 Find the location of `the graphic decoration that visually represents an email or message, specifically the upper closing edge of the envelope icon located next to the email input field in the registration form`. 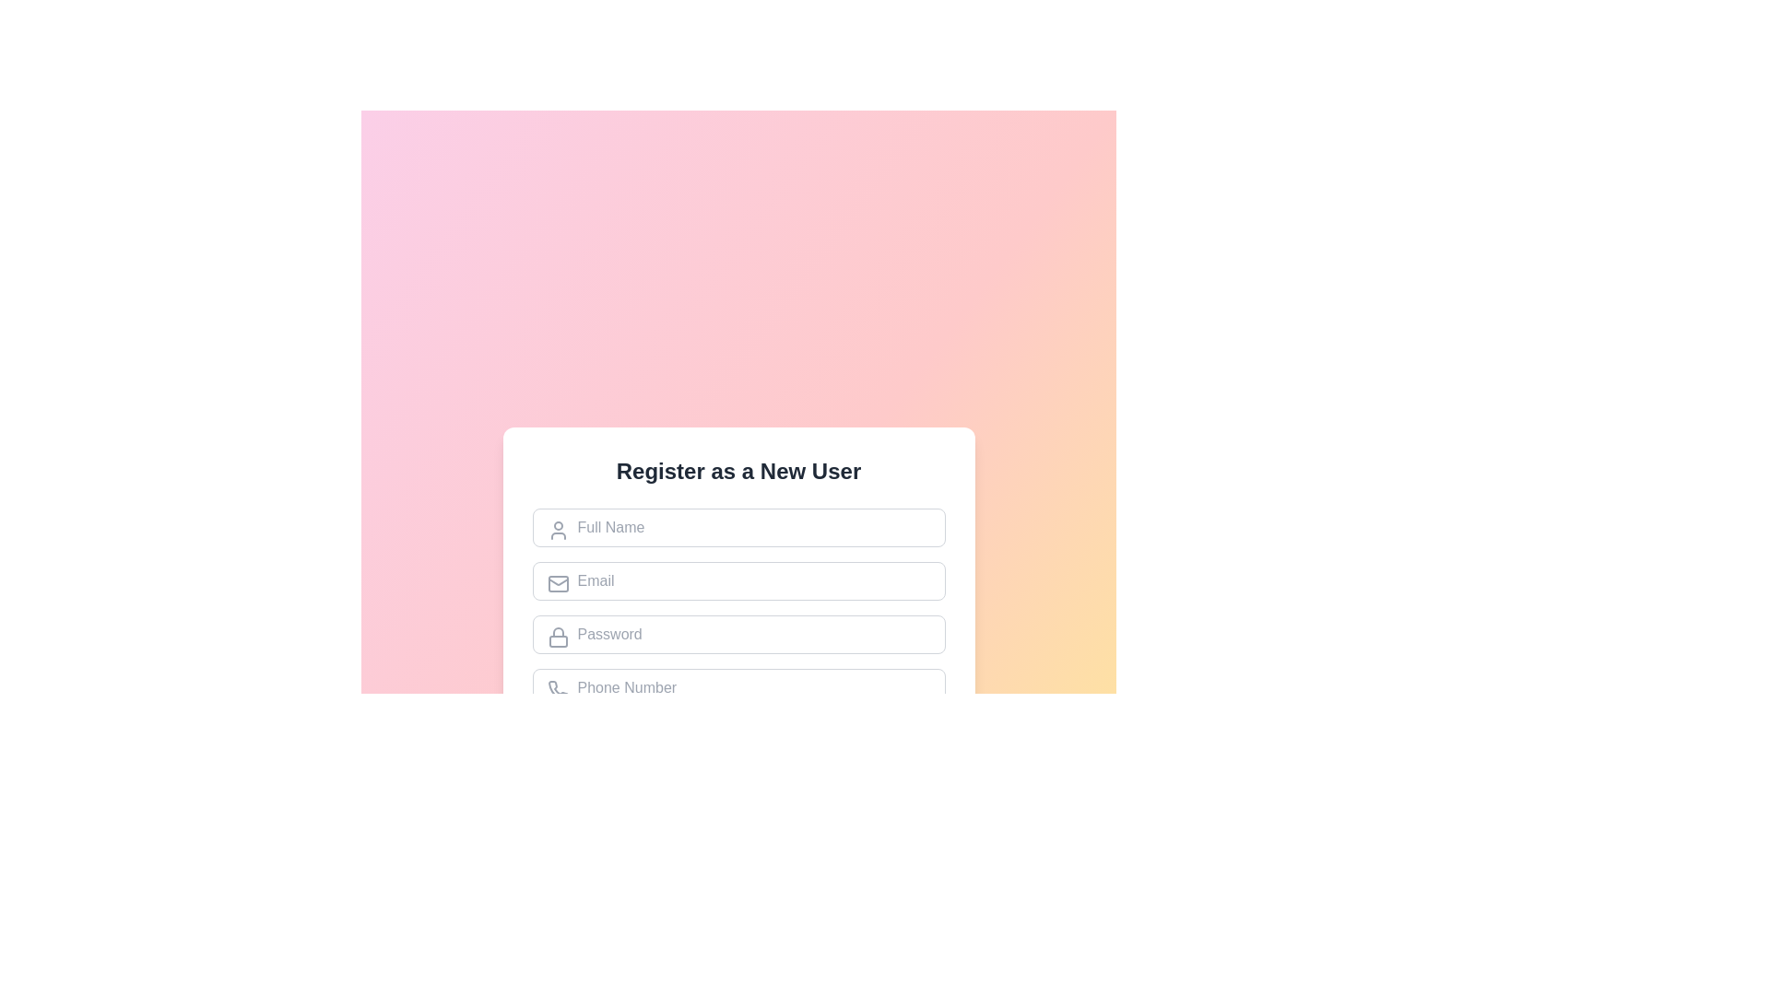

the graphic decoration that visually represents an email or message, specifically the upper closing edge of the envelope icon located next to the email input field in the registration form is located at coordinates (557, 582).